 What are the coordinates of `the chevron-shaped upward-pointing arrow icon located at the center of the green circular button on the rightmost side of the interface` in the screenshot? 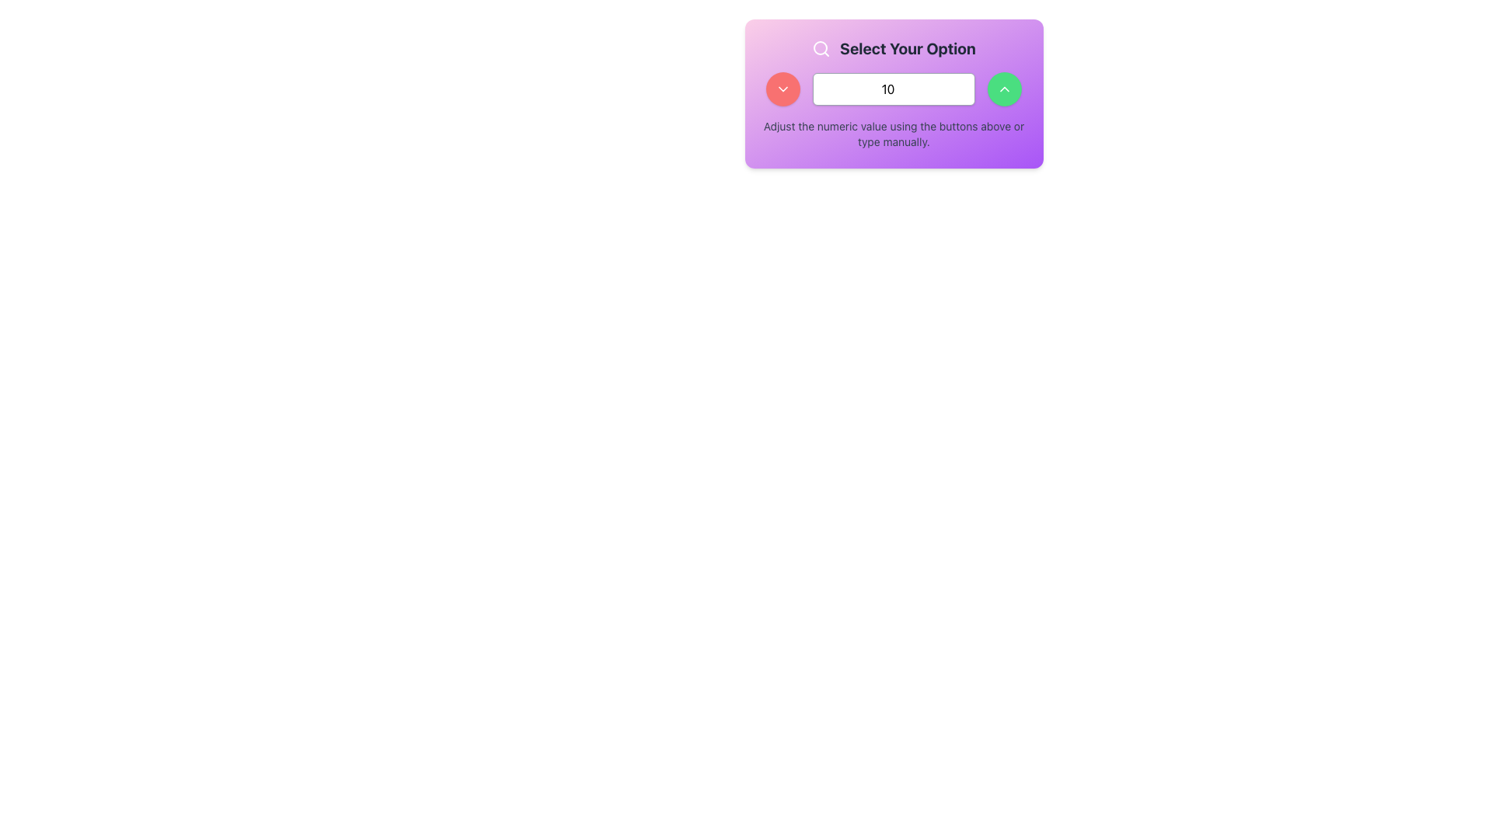 It's located at (1004, 89).